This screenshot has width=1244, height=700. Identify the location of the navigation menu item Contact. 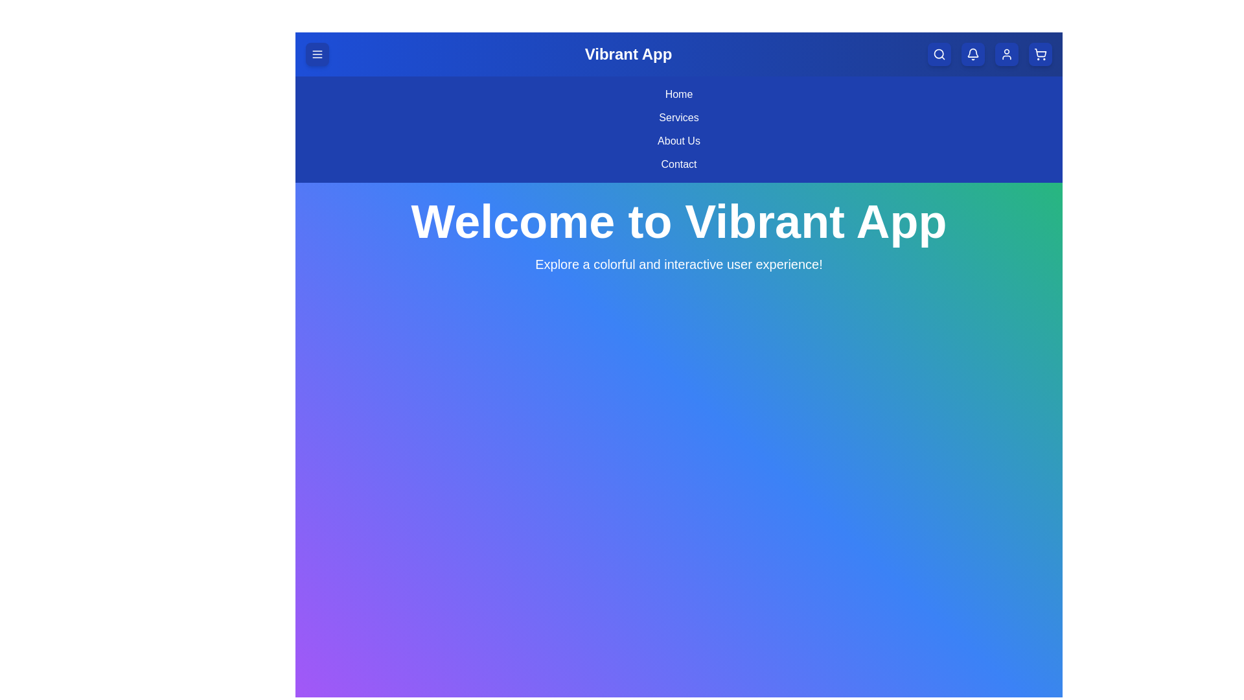
(678, 164).